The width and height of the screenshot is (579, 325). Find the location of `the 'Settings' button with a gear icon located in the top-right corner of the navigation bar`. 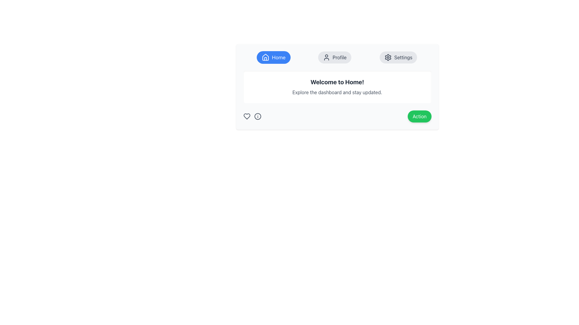

the 'Settings' button with a gear icon located in the top-right corner of the navigation bar is located at coordinates (398, 57).